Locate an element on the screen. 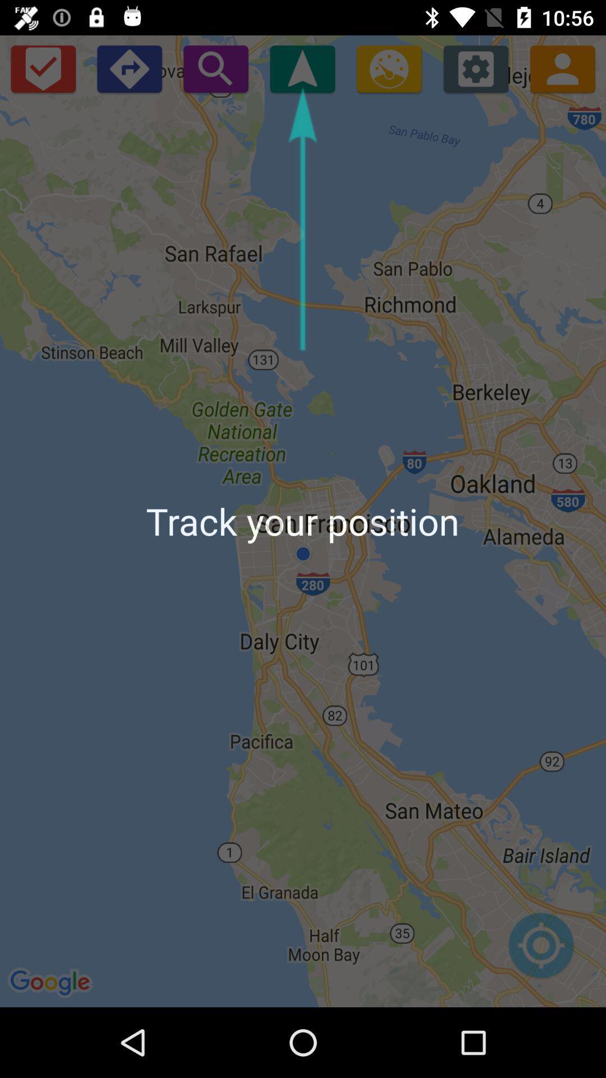 This screenshot has width=606, height=1078. the check icon is located at coordinates (42, 68).